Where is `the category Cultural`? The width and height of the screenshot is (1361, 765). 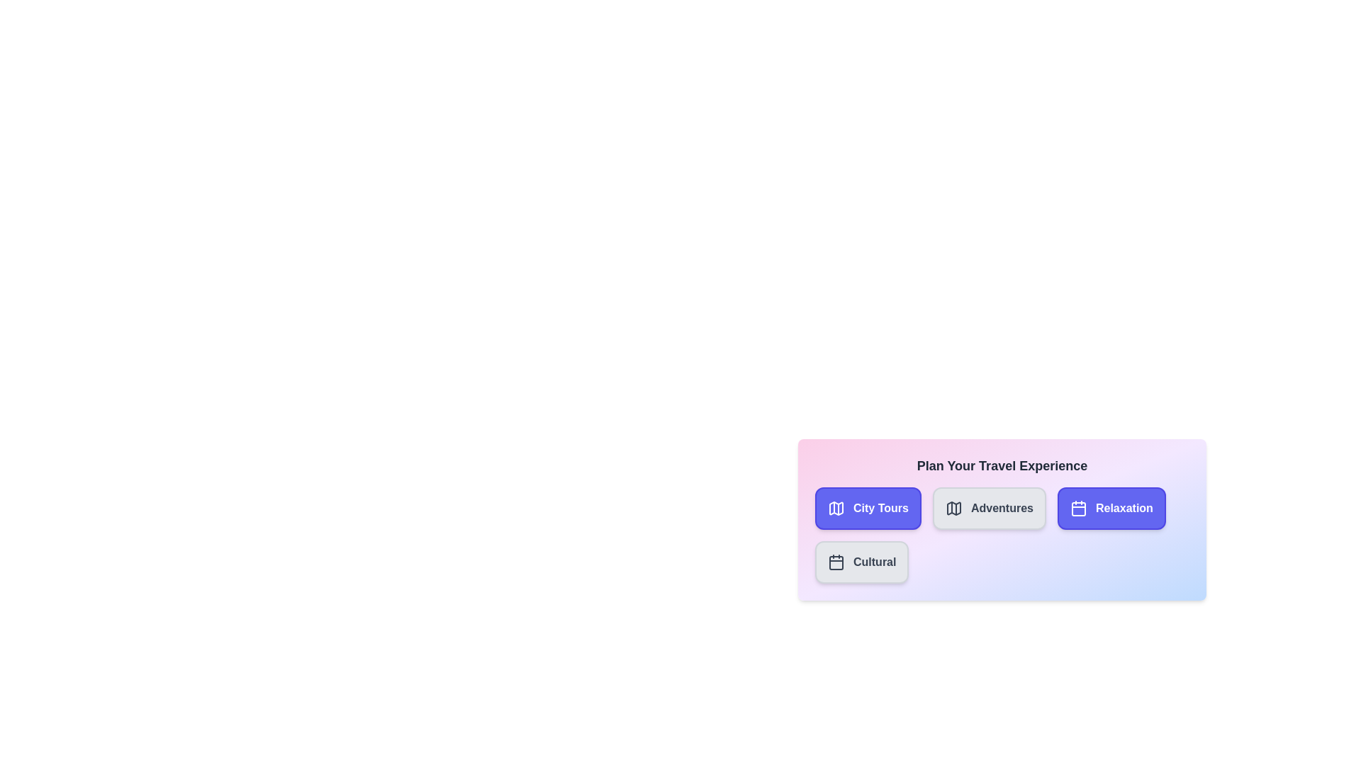
the category Cultural is located at coordinates (861, 562).